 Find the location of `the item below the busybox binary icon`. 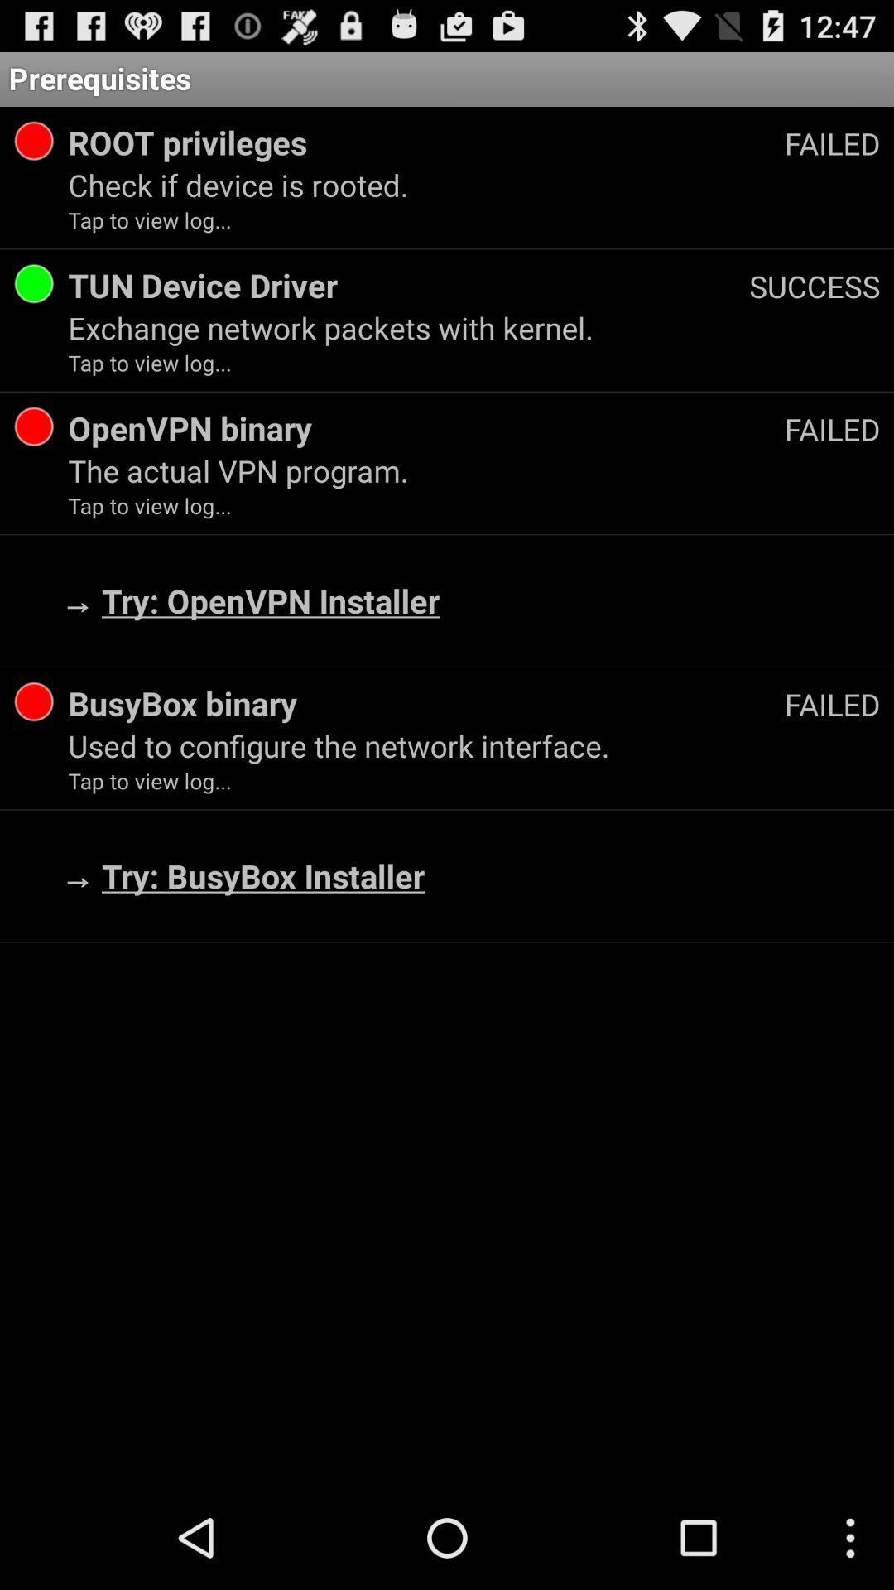

the item below the busybox binary icon is located at coordinates (474, 744).